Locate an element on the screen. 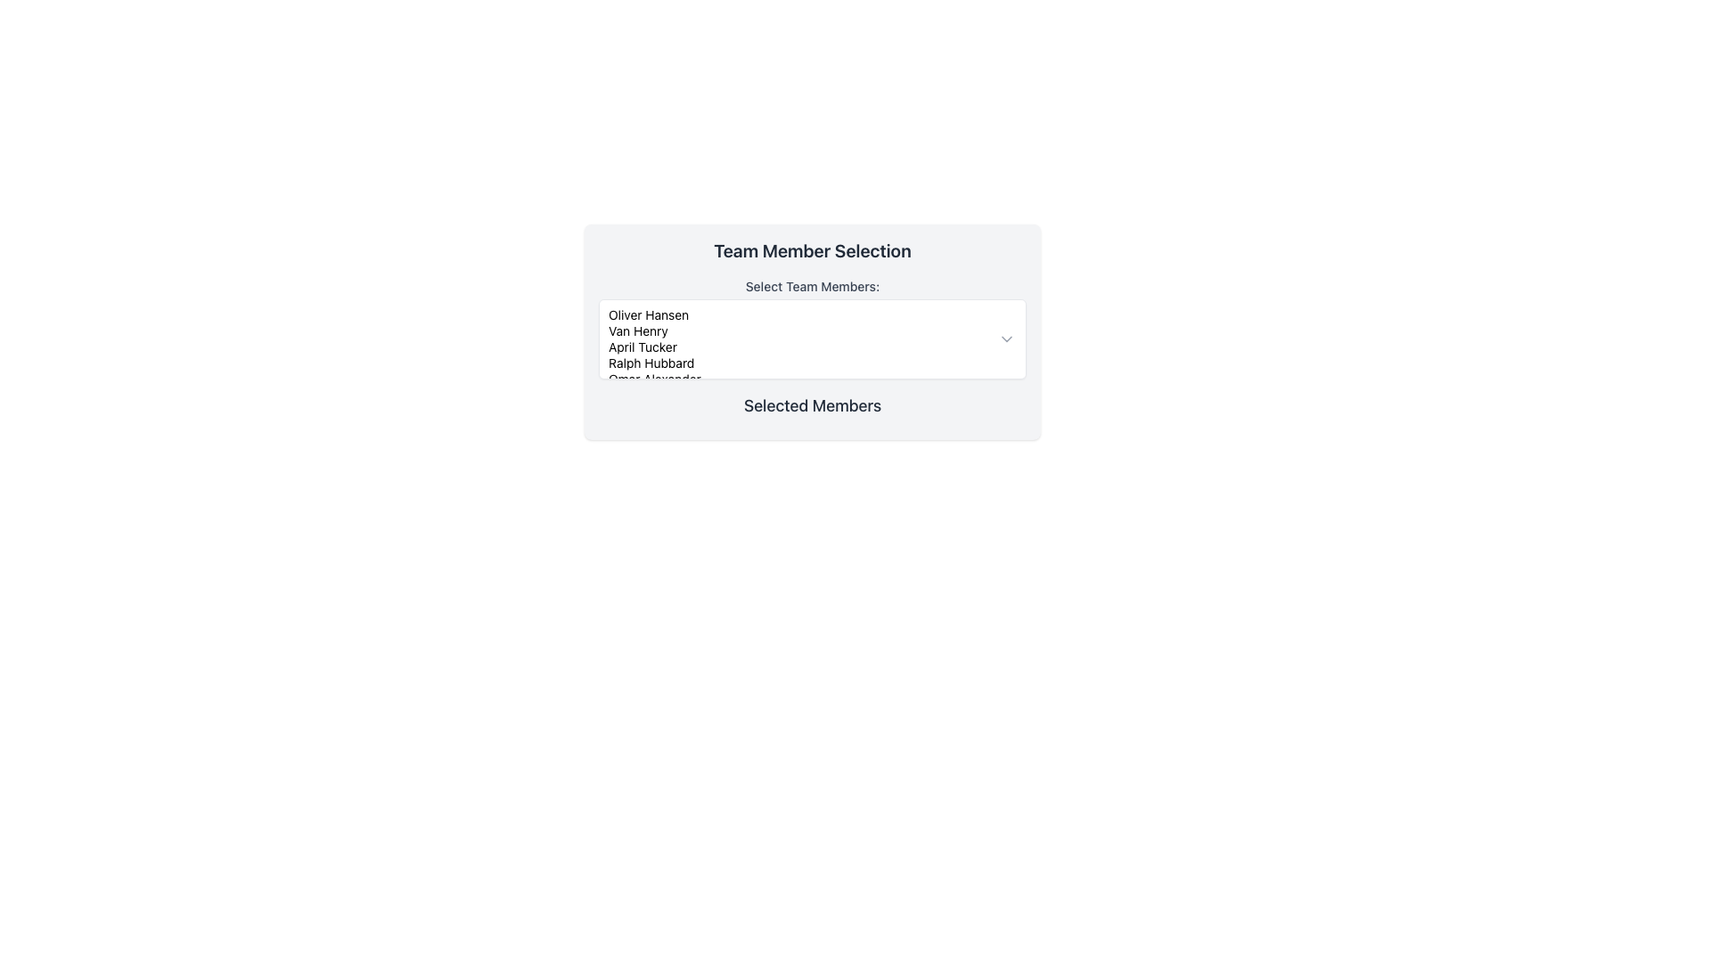  the fourth option in the dropdown menu that allows the selection of a team member, positioned between 'April Tucker' and 'Omar Alexander' is located at coordinates (798, 363).